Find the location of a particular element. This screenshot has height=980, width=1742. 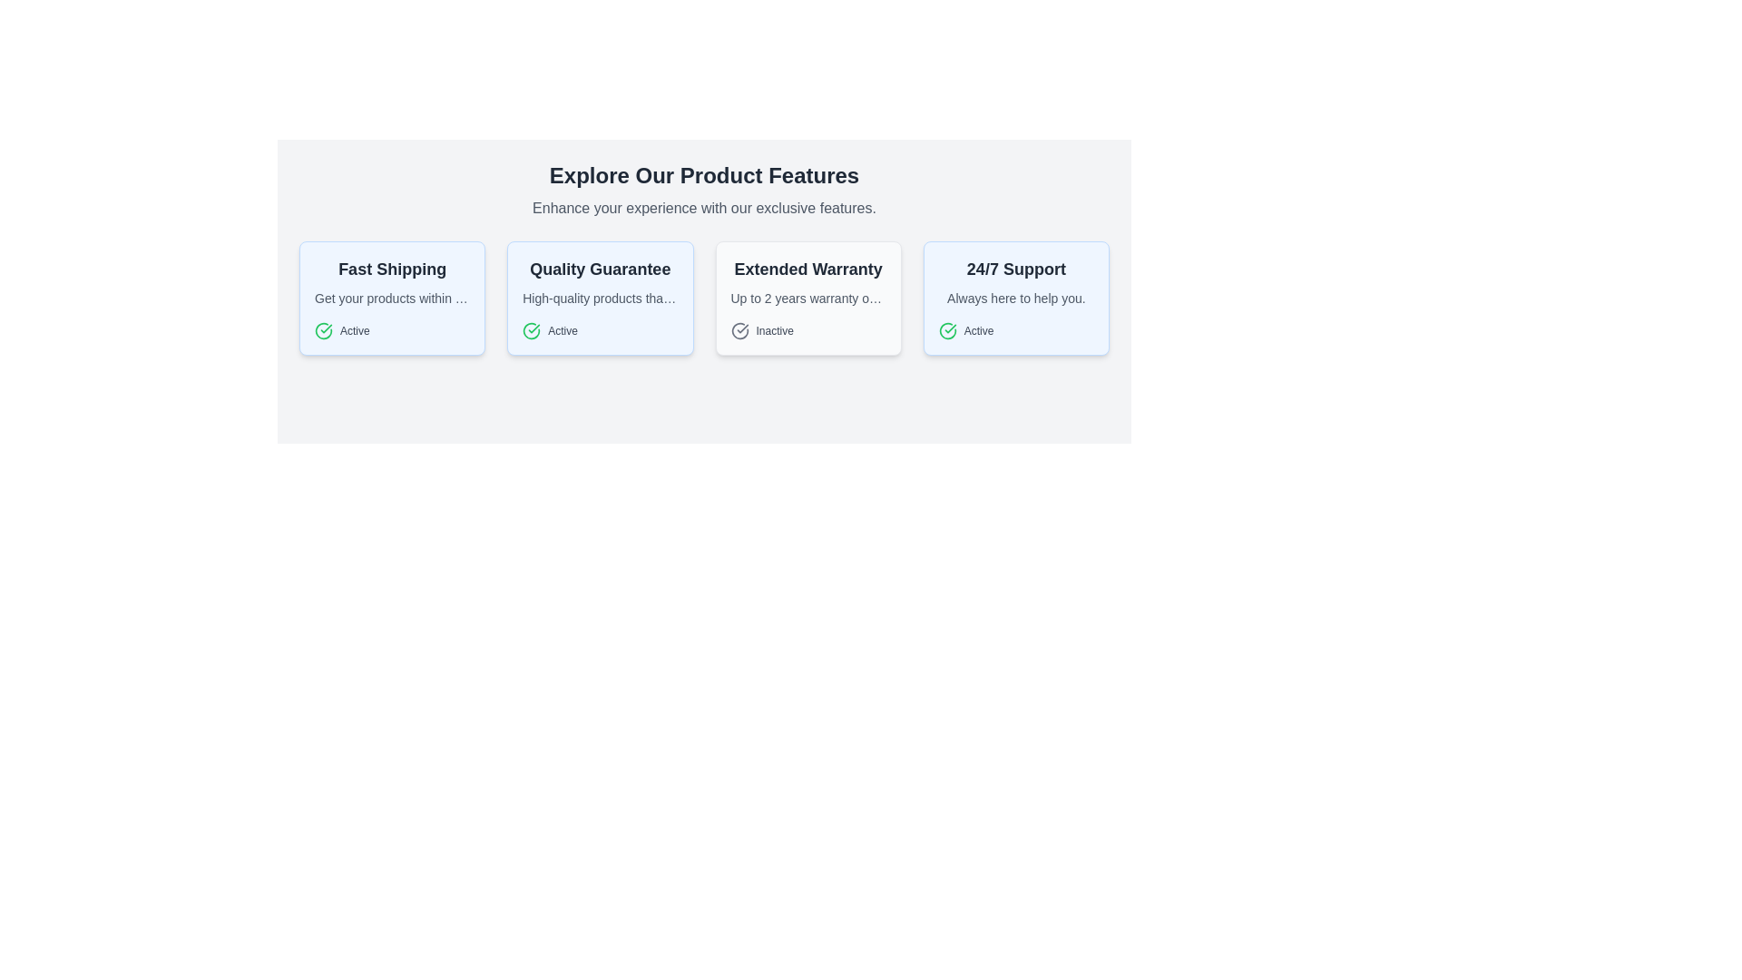

the 'Quality Guarantee' text, which is styled in a large, bold font and serves as a prominent title in its feature card is located at coordinates (600, 269).